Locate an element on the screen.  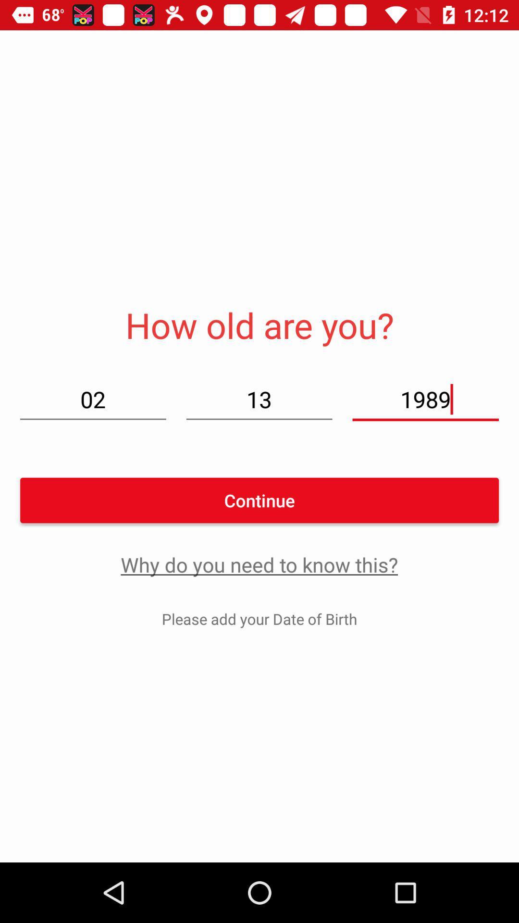
item next to the 13 item is located at coordinates (93, 399).